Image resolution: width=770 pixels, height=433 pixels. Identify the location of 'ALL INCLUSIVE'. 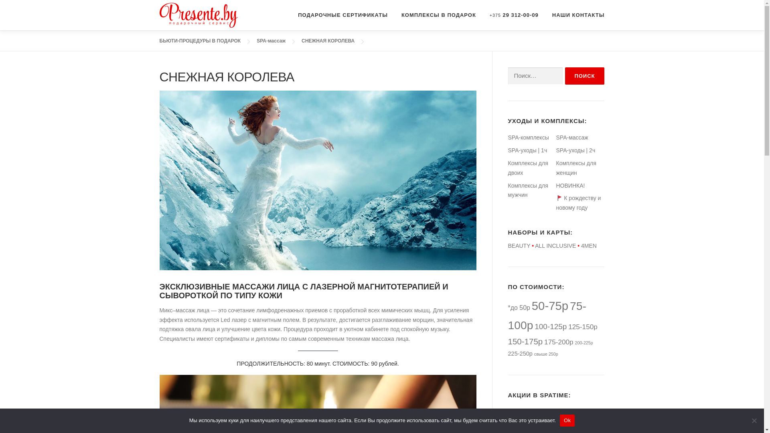
(555, 245).